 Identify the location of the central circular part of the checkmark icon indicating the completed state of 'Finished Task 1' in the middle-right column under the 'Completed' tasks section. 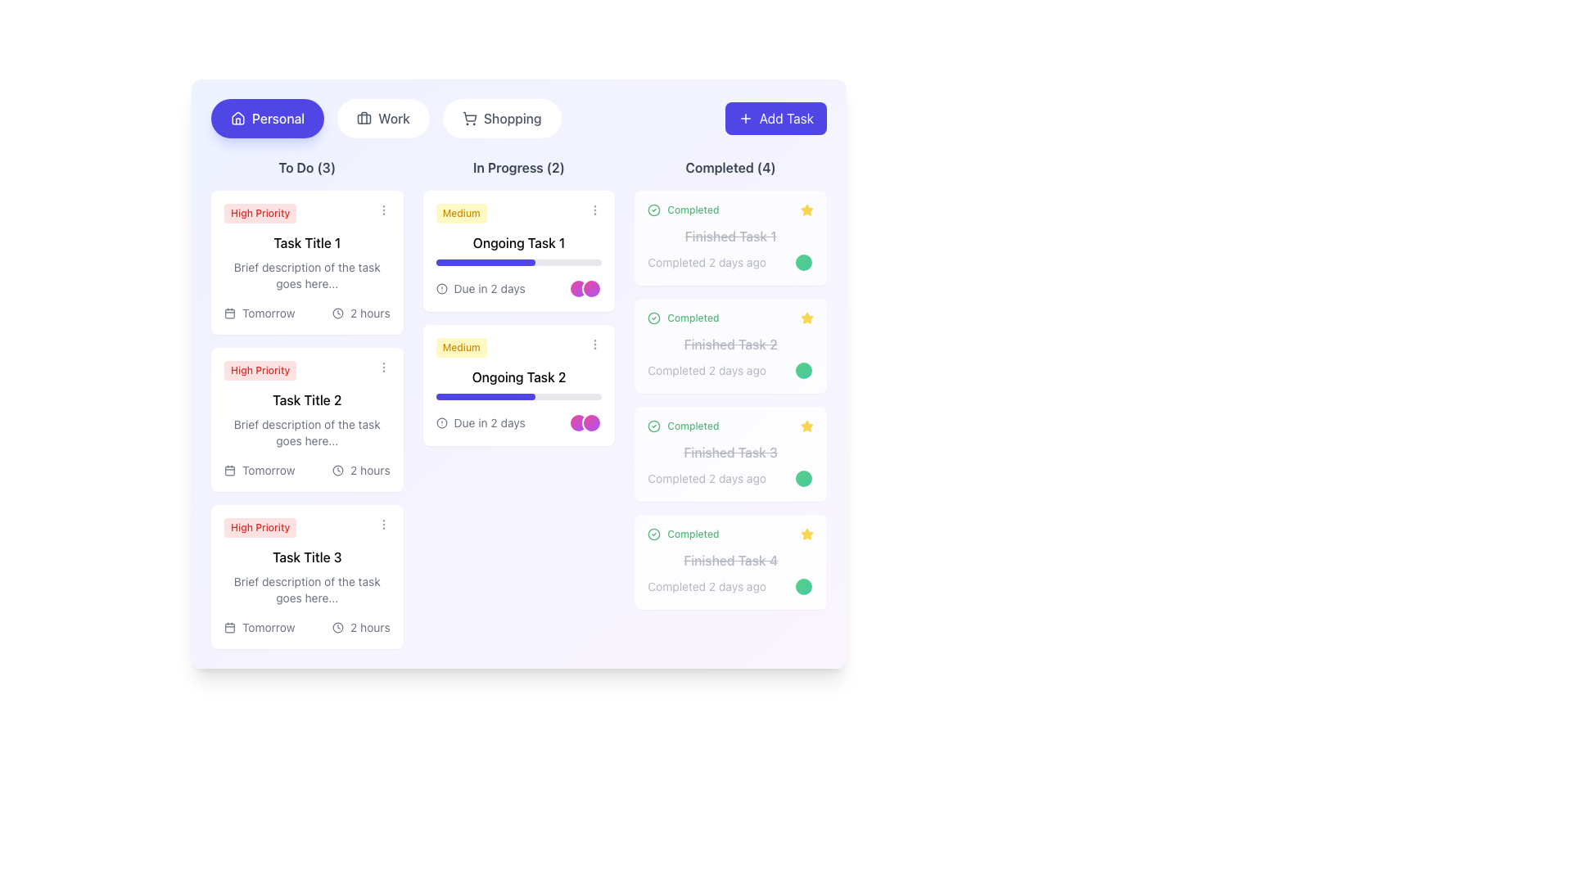
(653, 534).